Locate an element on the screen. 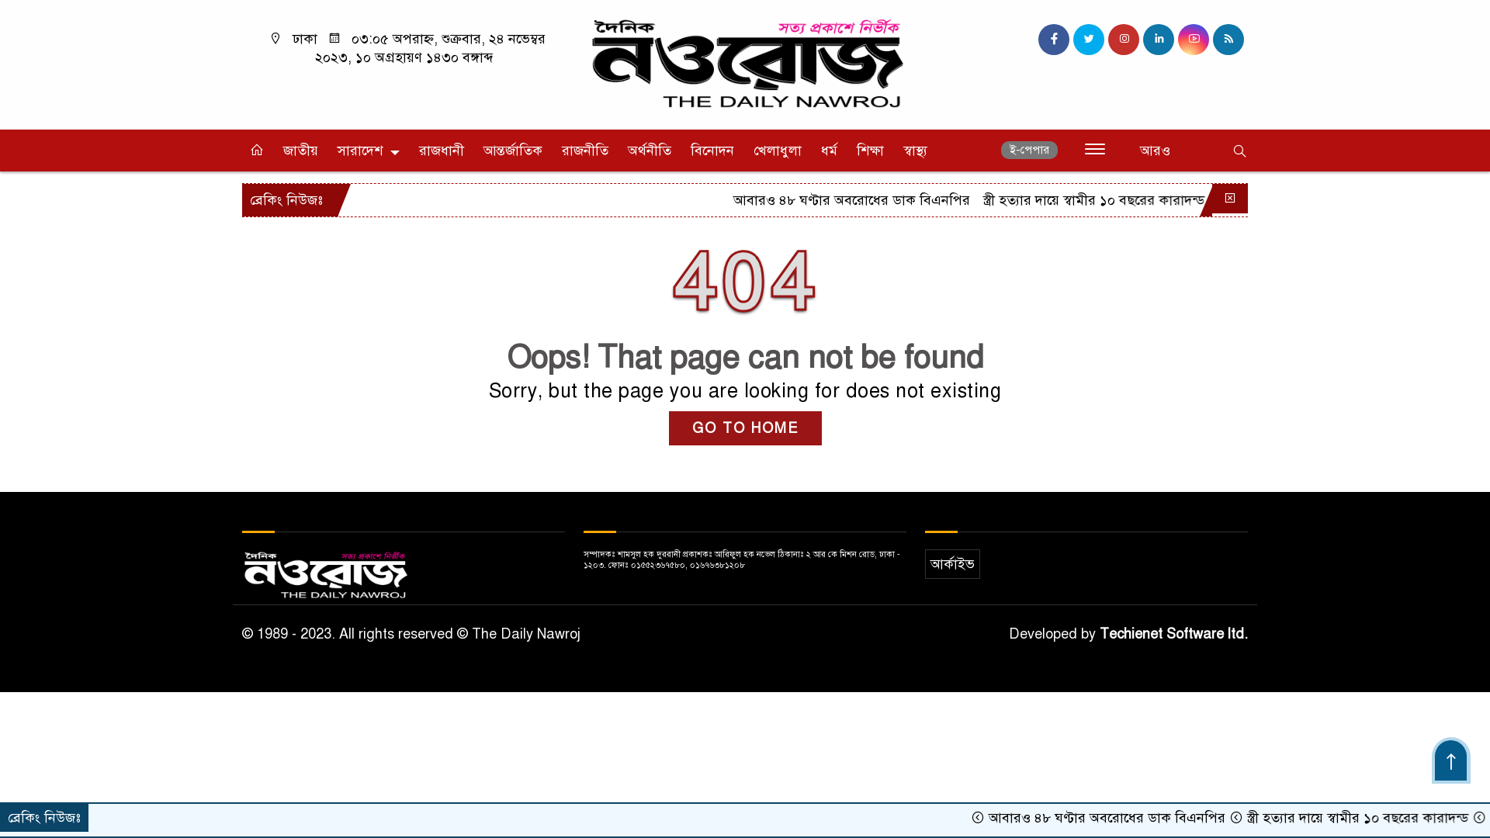 This screenshot has width=1490, height=838. 'The Daily Nawroj' is located at coordinates (745, 64).